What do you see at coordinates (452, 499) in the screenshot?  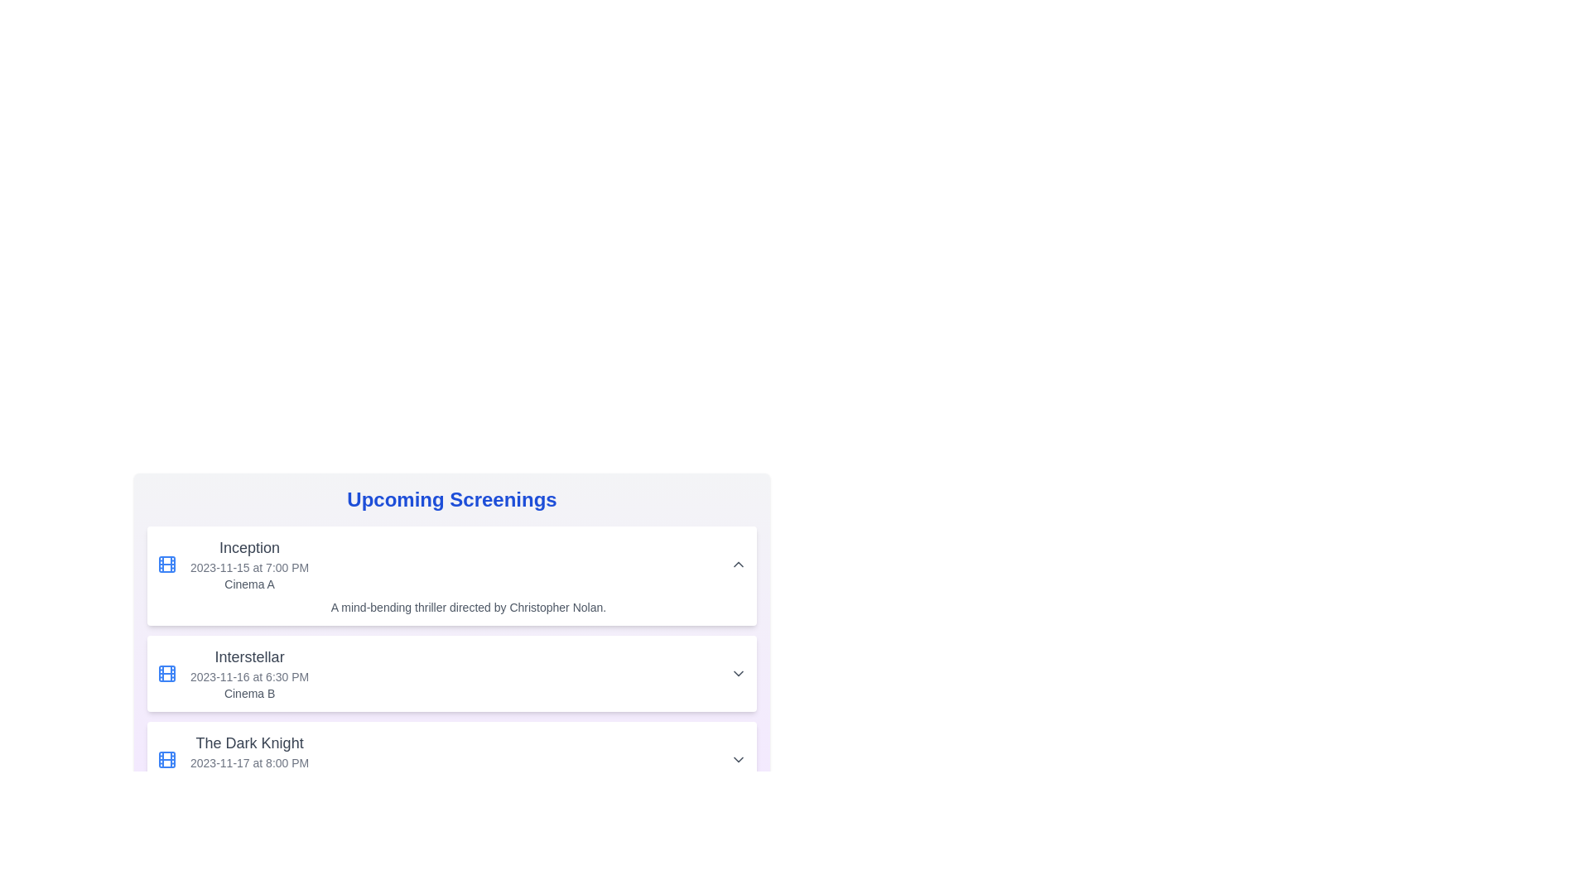 I see `text header displaying 'Upcoming Screenings', which is large, bold, and blue-colored, centered at the top of the content block` at bounding box center [452, 499].